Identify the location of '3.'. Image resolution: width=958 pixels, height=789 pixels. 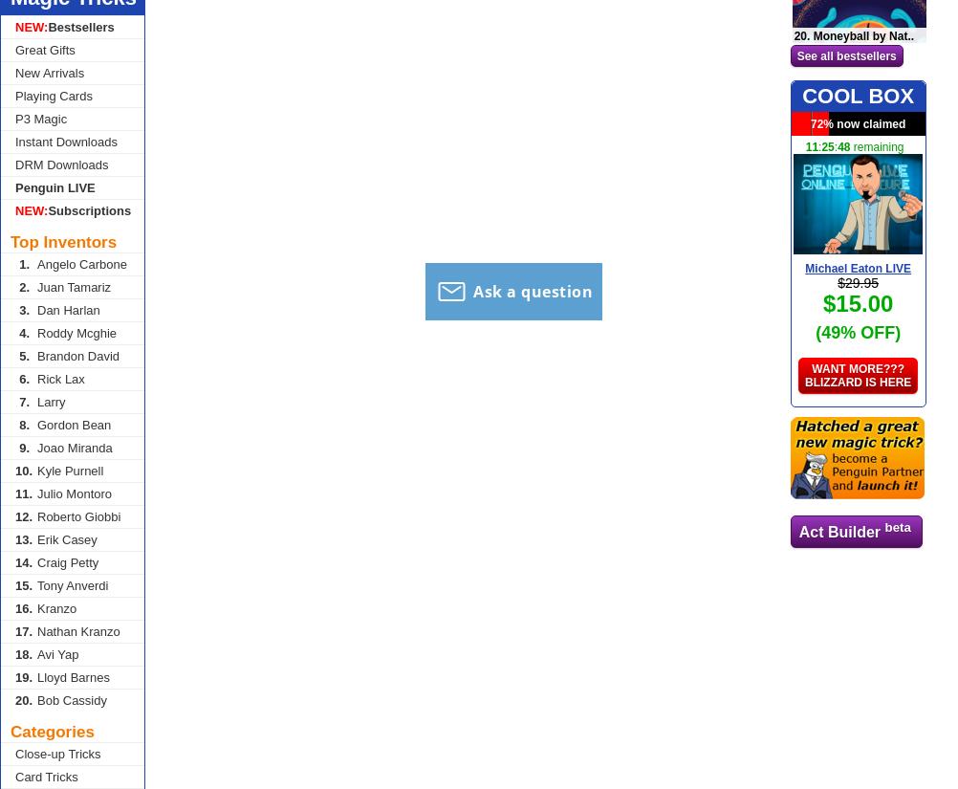
(24, 309).